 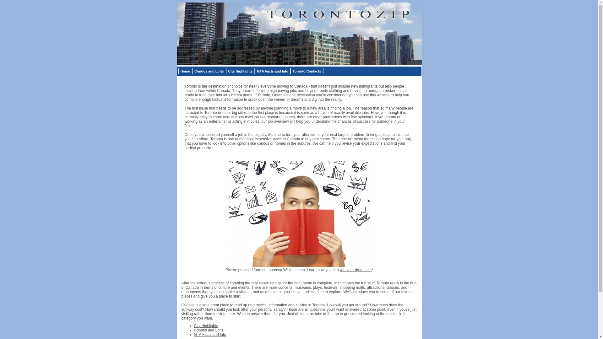 What do you see at coordinates (240, 71) in the screenshot?
I see `'City Highlights'` at bounding box center [240, 71].